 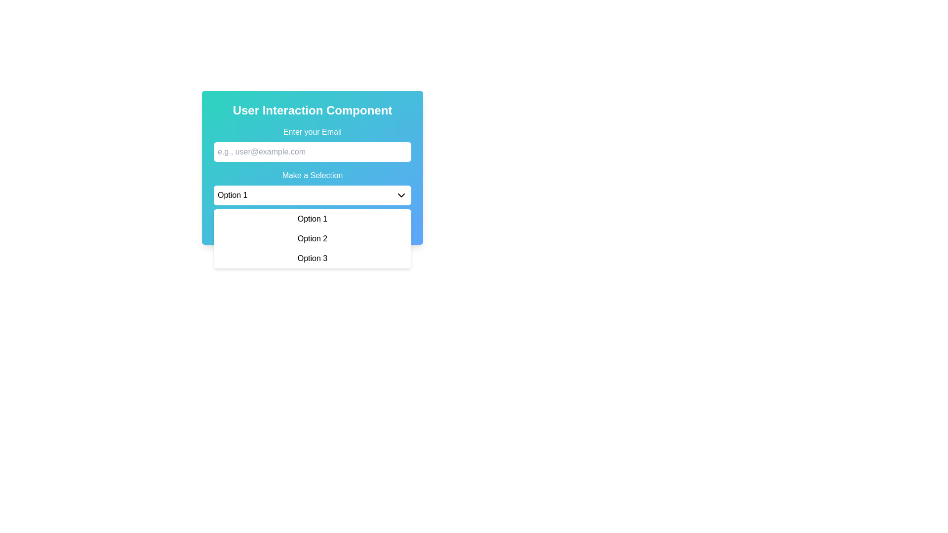 What do you see at coordinates (312, 167) in the screenshot?
I see `the 'Make a Selection' dropdown within the 'User Interaction Component' card` at bounding box center [312, 167].